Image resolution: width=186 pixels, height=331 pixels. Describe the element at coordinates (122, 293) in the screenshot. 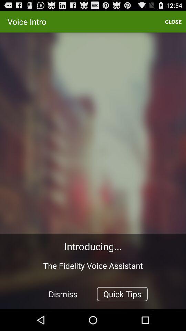

I see `the quick tips button` at that location.